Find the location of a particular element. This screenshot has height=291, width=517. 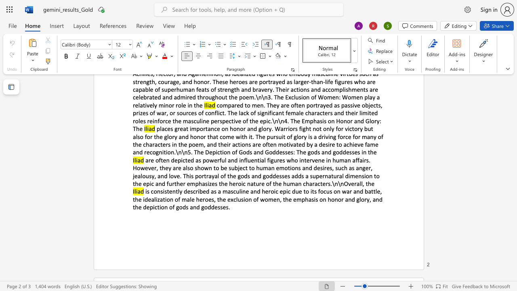

the 1th character "c" in the text is located at coordinates (152, 191).